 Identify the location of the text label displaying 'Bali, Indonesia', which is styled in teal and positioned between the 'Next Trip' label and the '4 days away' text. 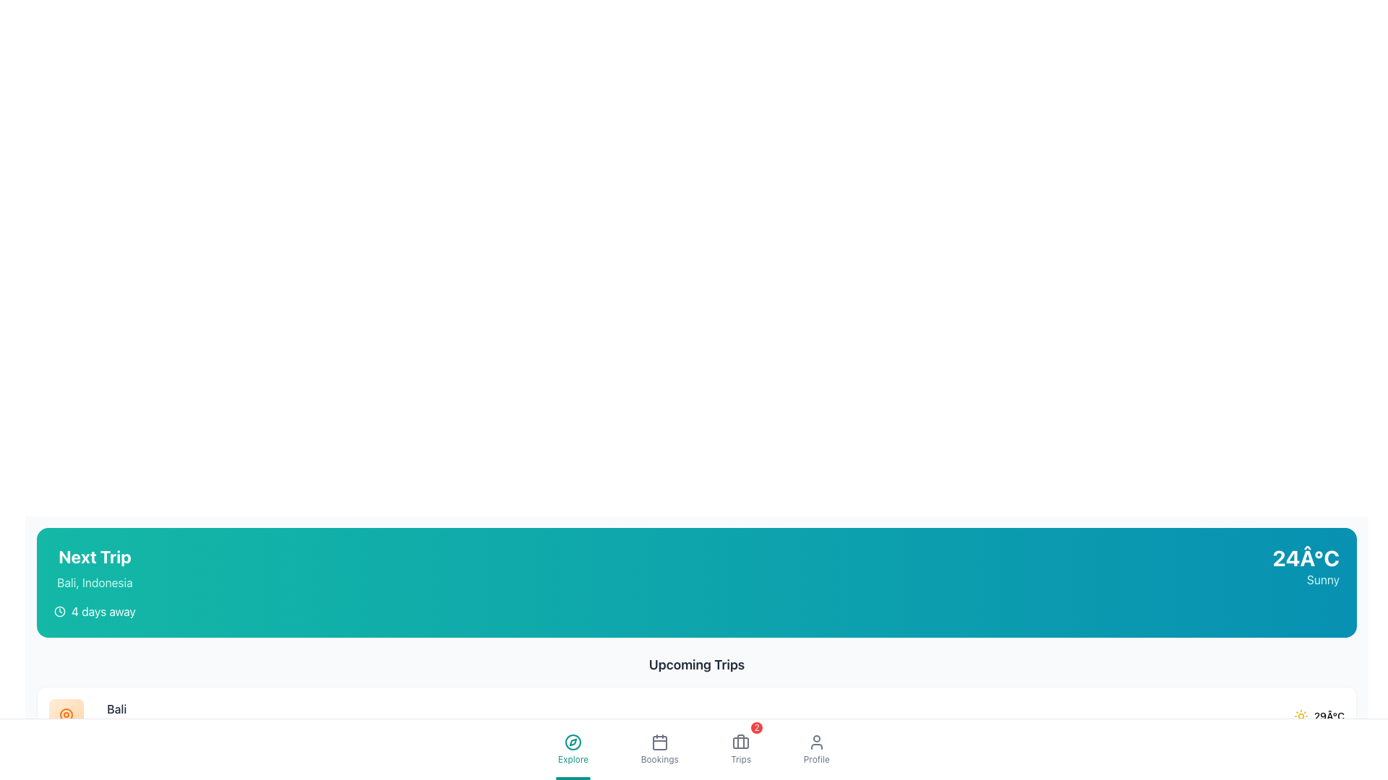
(94, 581).